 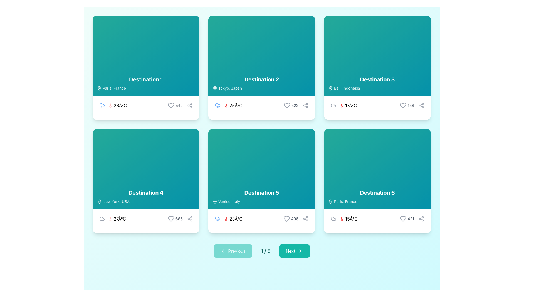 What do you see at coordinates (261, 221) in the screenshot?
I see `the displayed weather information in the lower right portion of the card for 'Destination 5' (Venice, Italy)` at bounding box center [261, 221].